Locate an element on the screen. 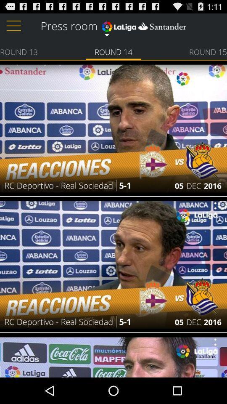 The image size is (227, 404). the item to the right of press room app is located at coordinates (143, 24).